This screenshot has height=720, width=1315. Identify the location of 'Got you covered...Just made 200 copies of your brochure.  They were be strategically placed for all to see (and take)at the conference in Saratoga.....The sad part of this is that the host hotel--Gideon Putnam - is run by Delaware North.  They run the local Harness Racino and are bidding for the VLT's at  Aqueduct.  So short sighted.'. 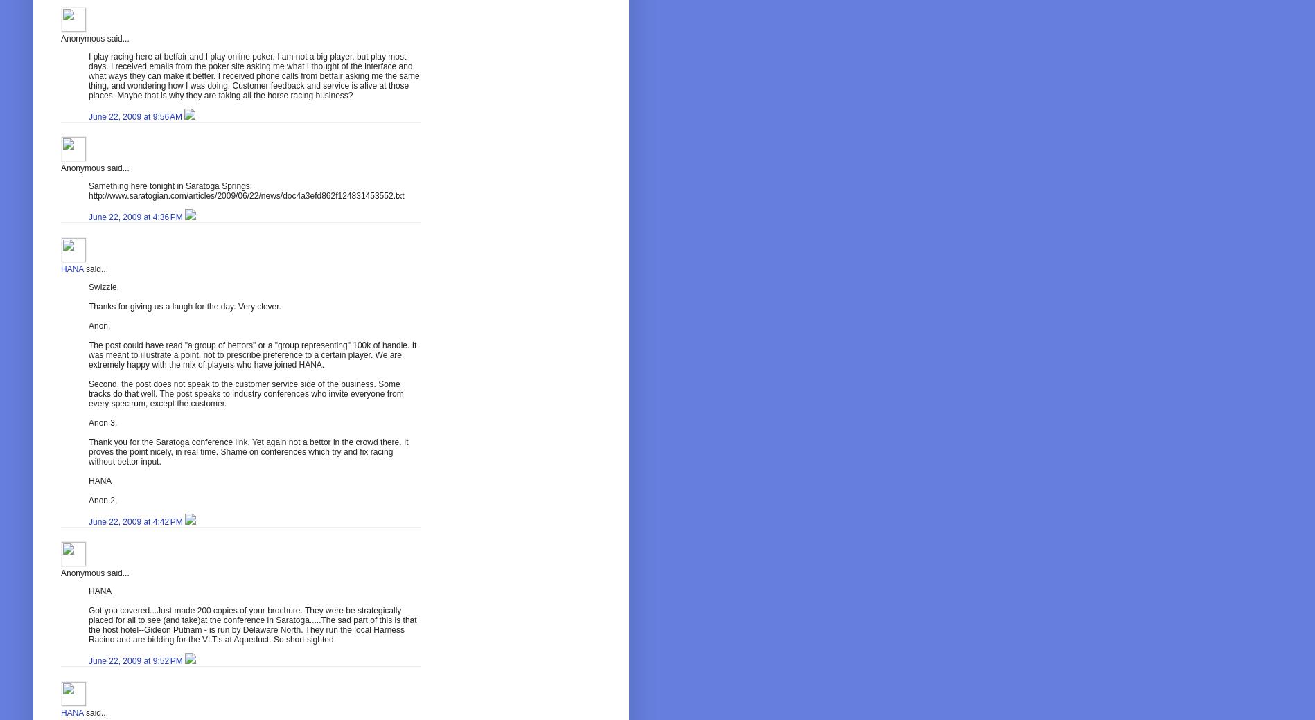
(252, 624).